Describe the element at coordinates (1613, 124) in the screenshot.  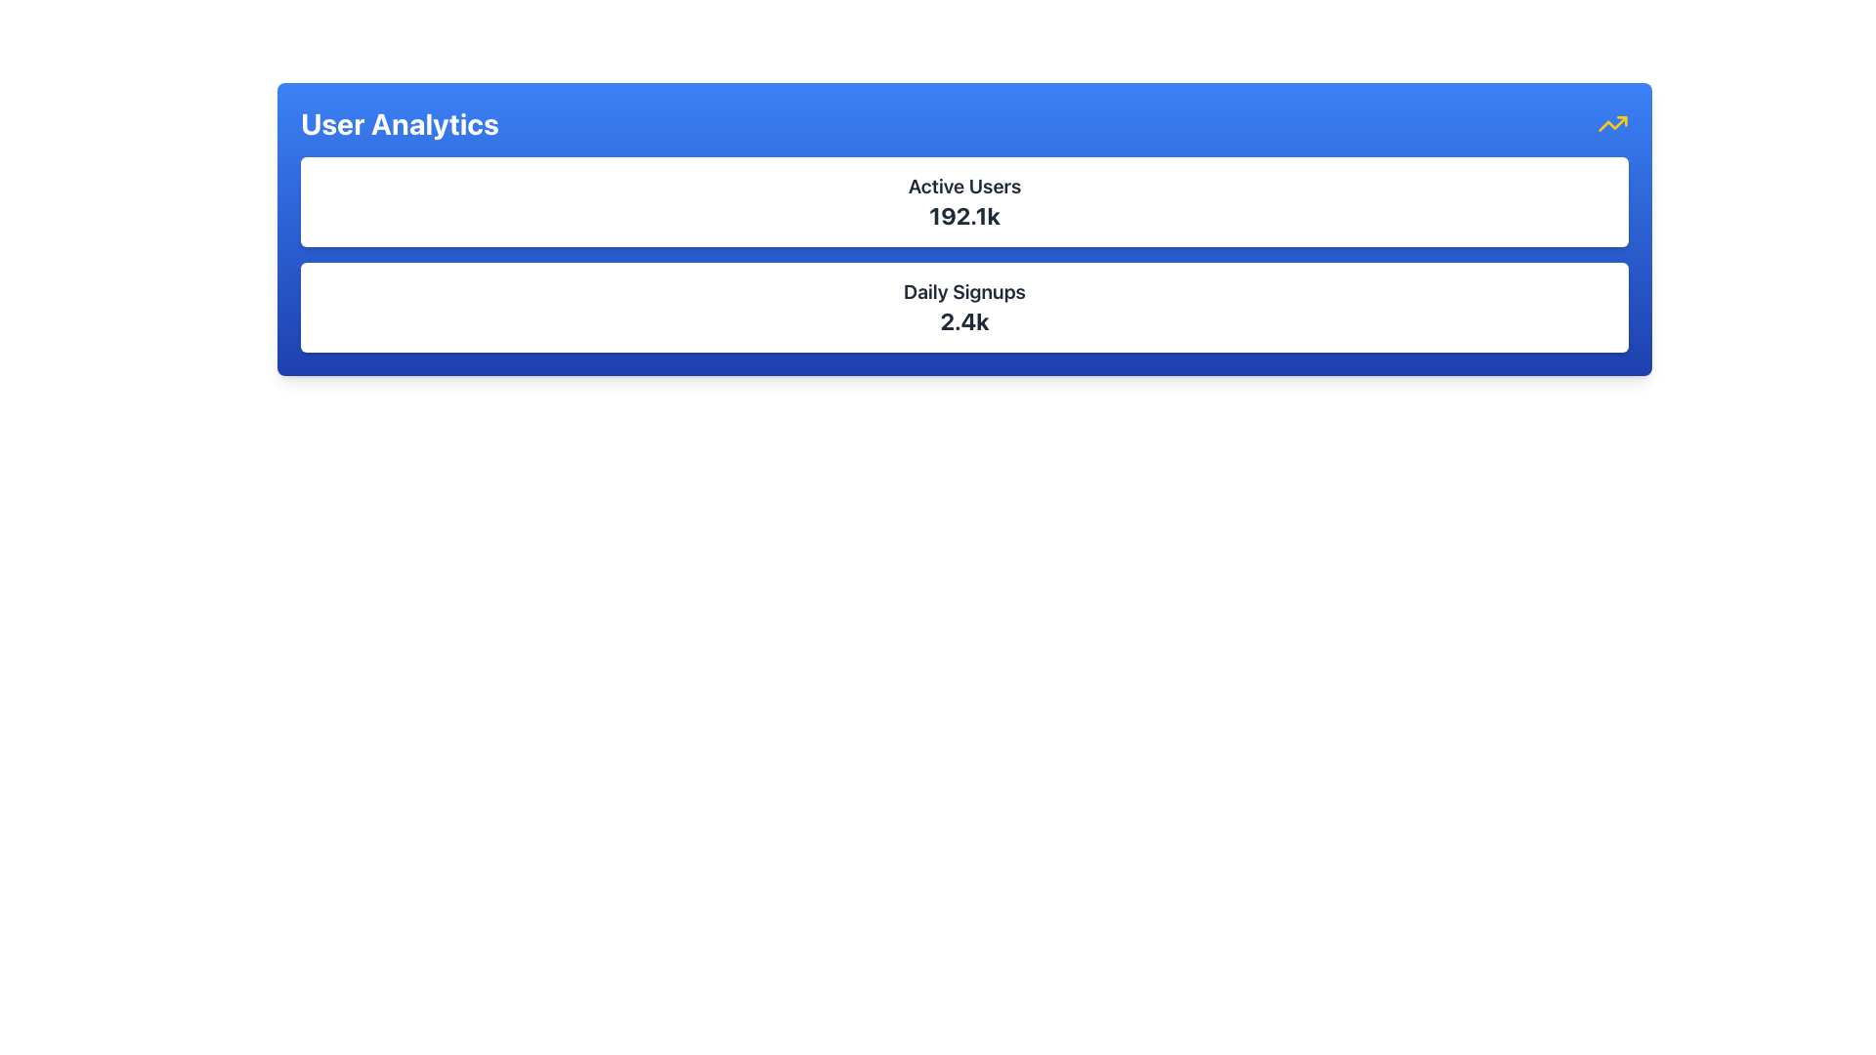
I see `the icon representing analytical growth or trend information located at the top-right corner of the 'User Analytics' section header` at that location.